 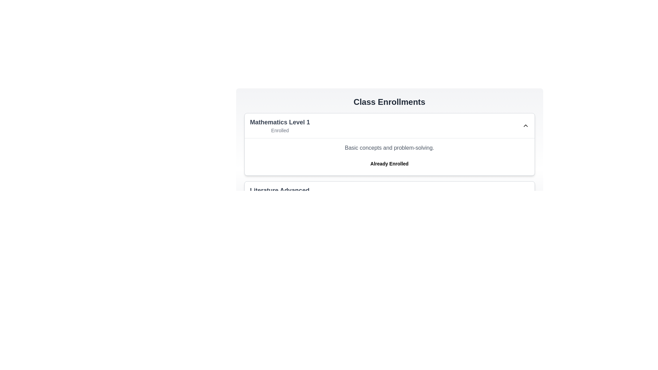 I want to click on the 'Literature Advanced' course selection button, which indicates its availability with 'Available', located in the second section beneath 'Mathematics Level 1', so click(x=389, y=194).